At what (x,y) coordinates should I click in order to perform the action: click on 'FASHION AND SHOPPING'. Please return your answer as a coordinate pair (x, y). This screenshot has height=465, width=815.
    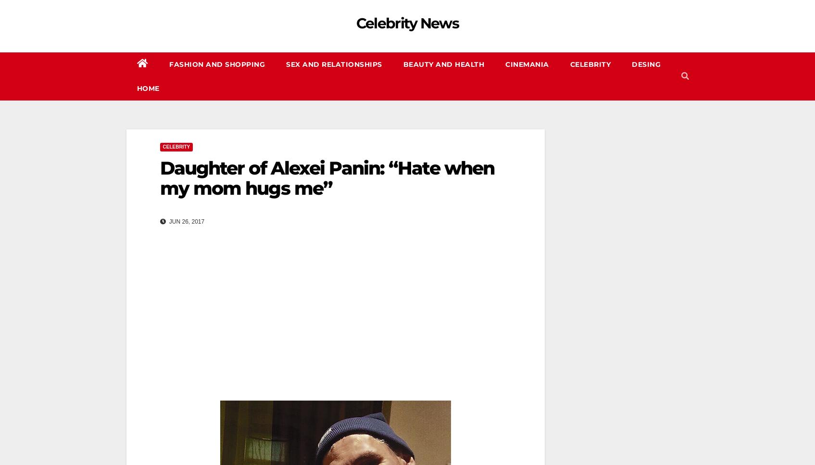
    Looking at the image, I should click on (217, 64).